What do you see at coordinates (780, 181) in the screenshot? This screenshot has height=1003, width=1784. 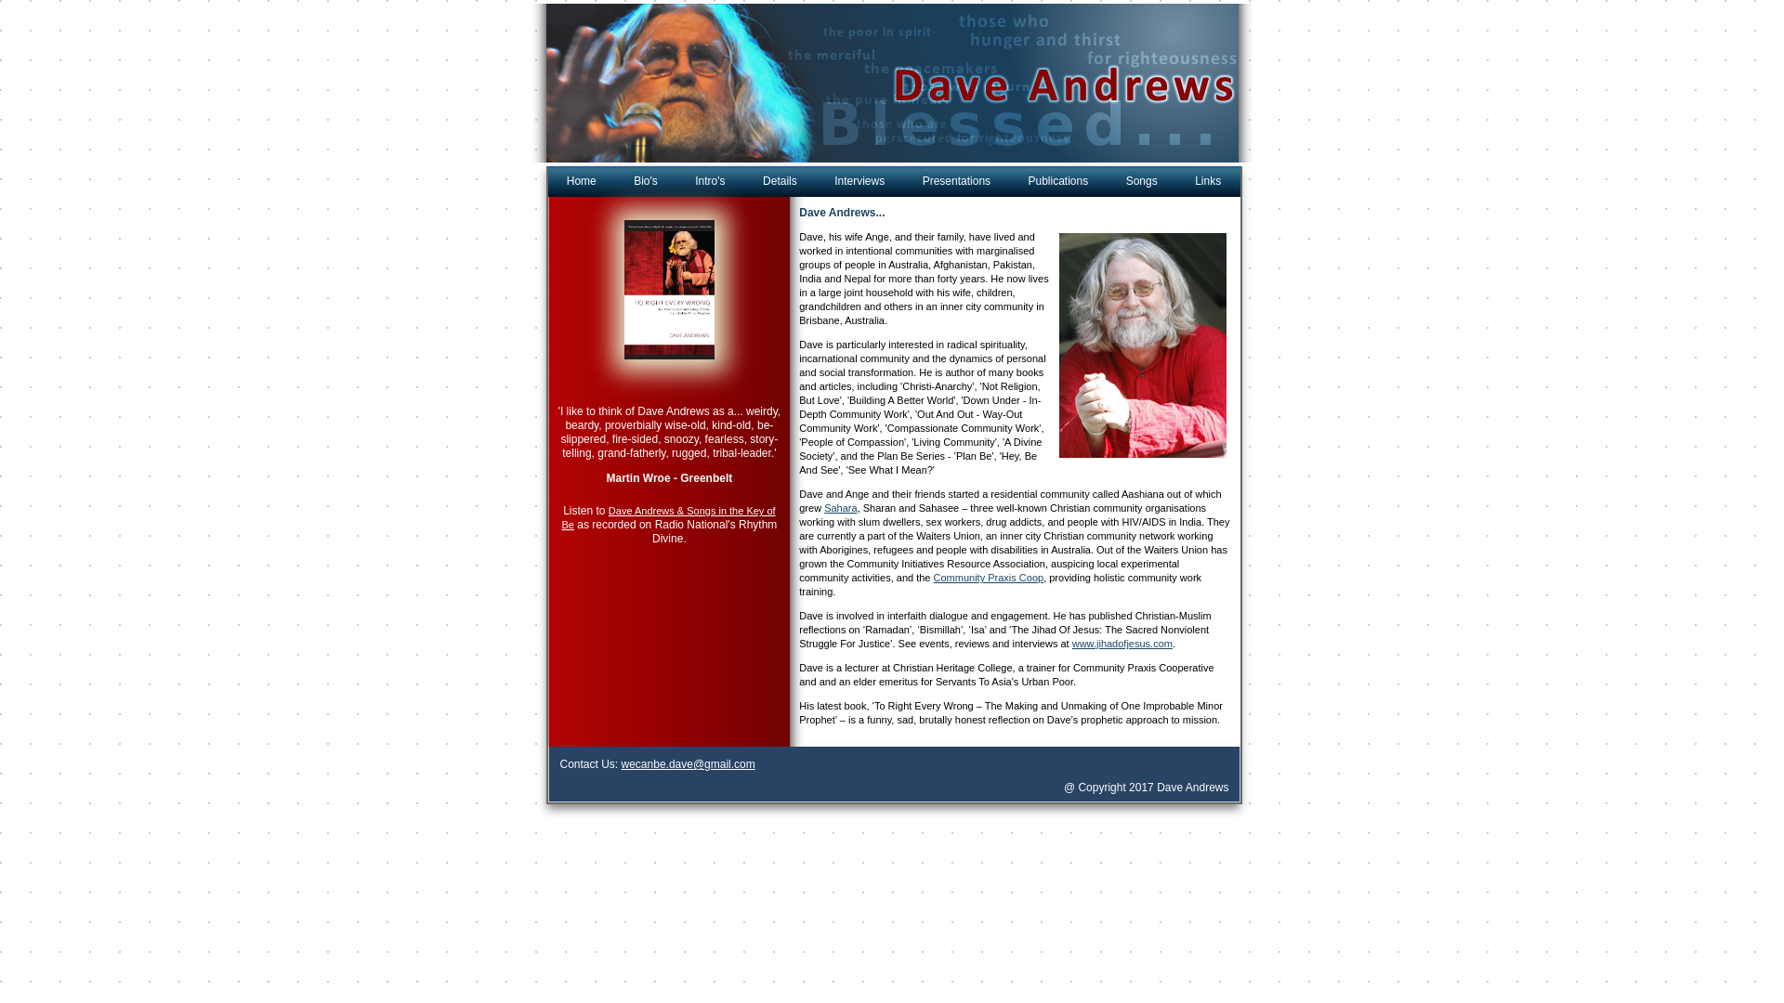 I see `'Details'` at bounding box center [780, 181].